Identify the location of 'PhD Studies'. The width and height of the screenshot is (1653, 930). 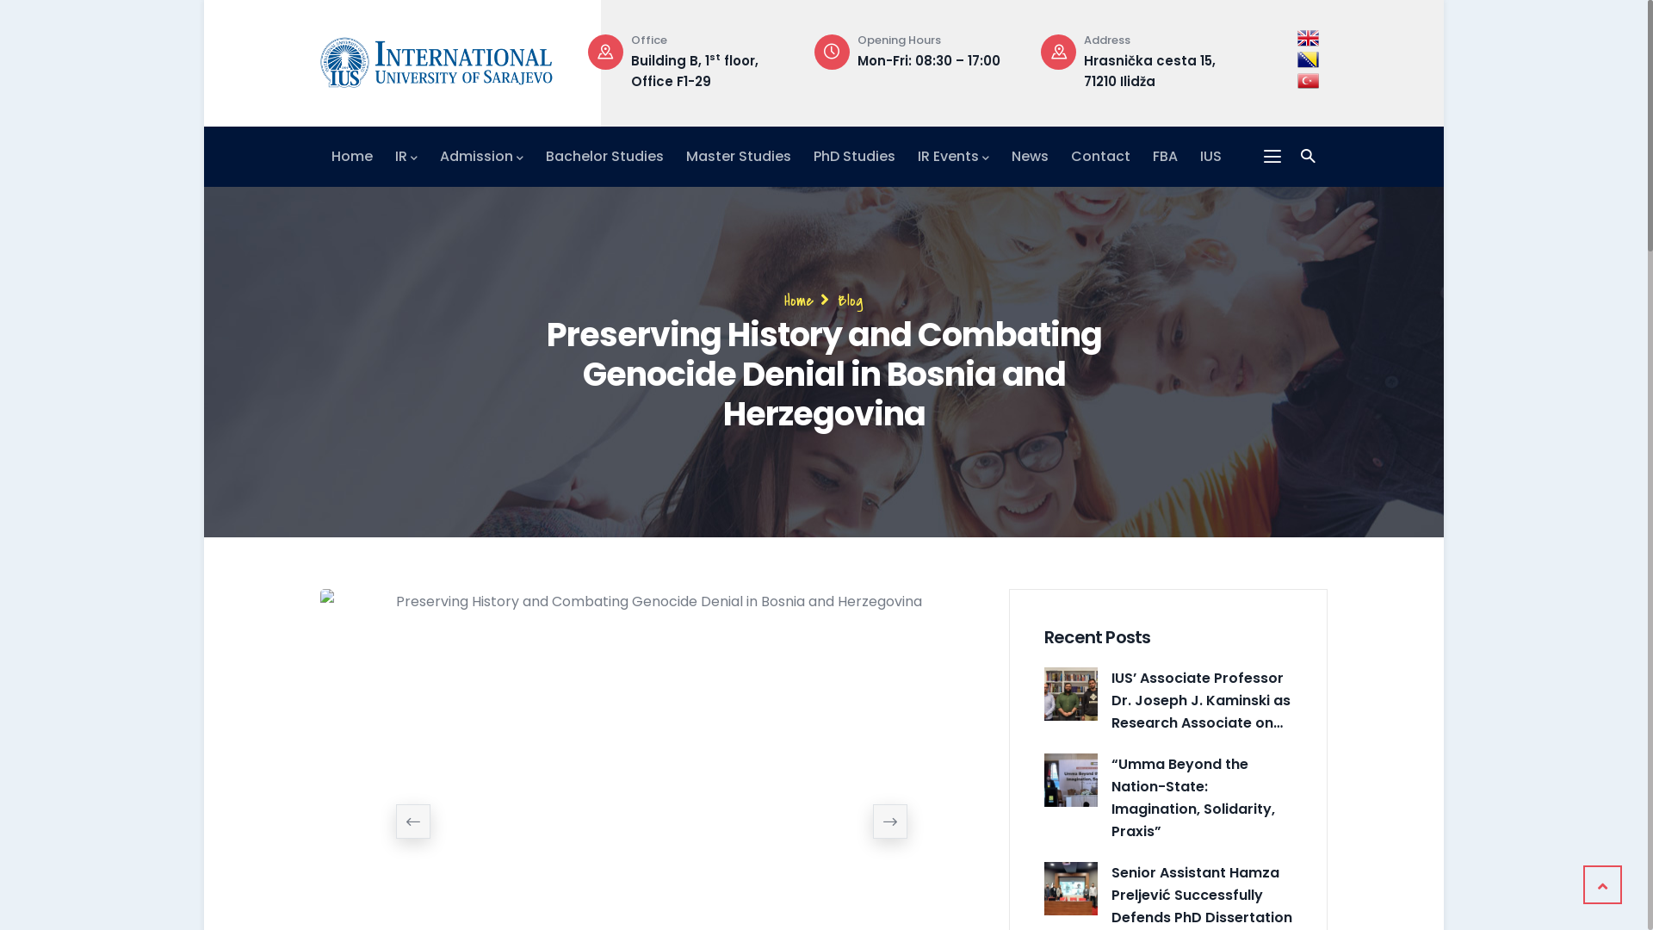
(854, 156).